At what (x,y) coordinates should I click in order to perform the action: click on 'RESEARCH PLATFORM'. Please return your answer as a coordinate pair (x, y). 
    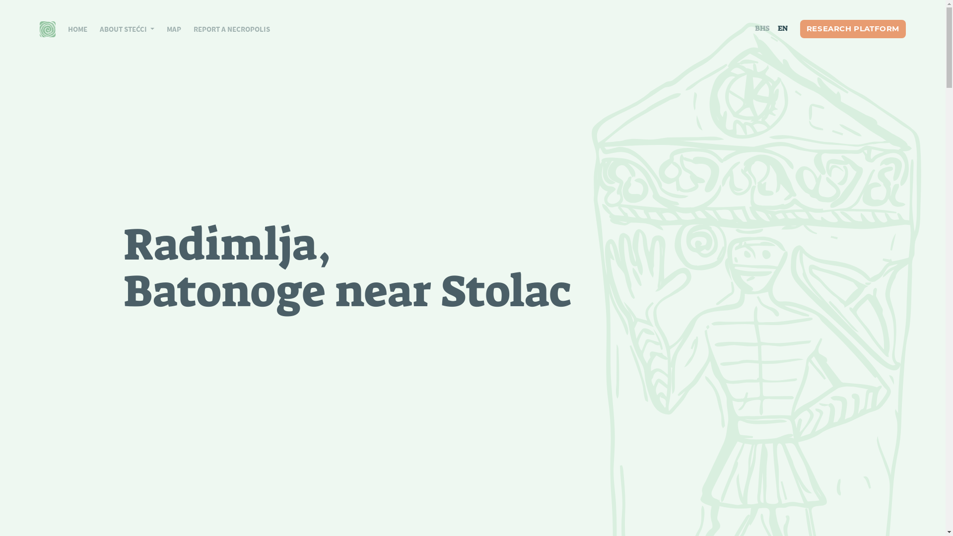
    Looking at the image, I should click on (852, 28).